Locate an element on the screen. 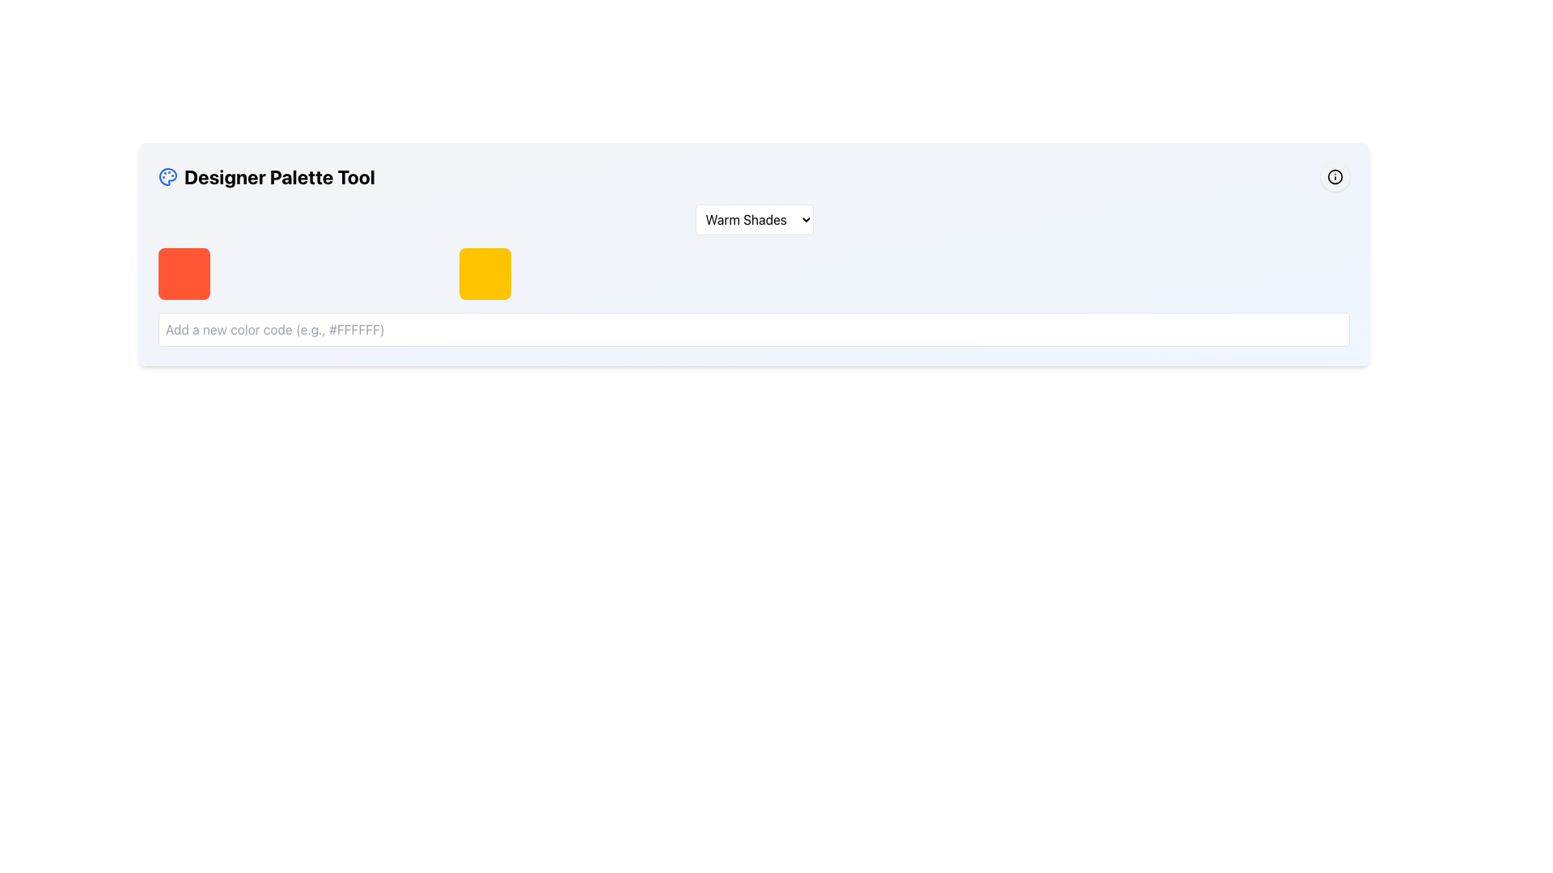 The width and height of the screenshot is (1553, 873). the 'Warm Shades' dropdown menu is located at coordinates (753, 220).